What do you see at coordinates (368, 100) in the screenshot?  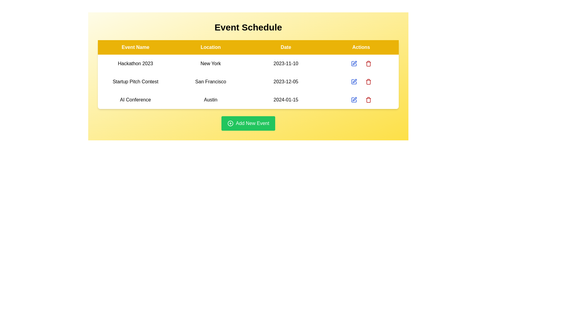 I see `the event corresponding to the row labeled AI Conference` at bounding box center [368, 100].